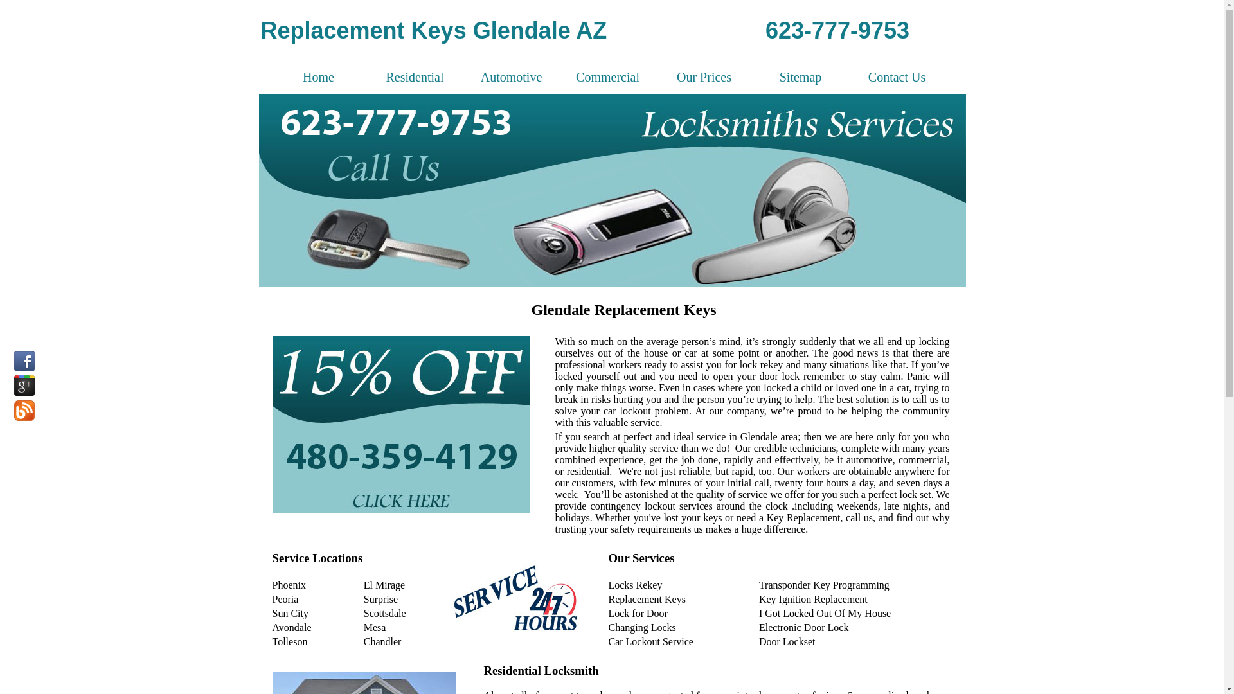  Describe the element at coordinates (285, 599) in the screenshot. I see `'Peoria'` at that location.